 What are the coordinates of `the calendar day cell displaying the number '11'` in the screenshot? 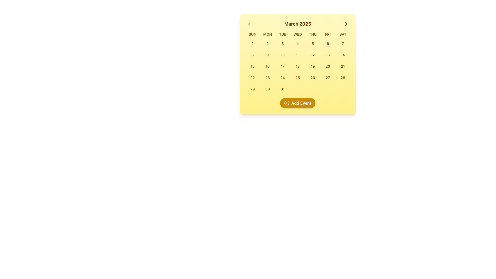 It's located at (298, 55).